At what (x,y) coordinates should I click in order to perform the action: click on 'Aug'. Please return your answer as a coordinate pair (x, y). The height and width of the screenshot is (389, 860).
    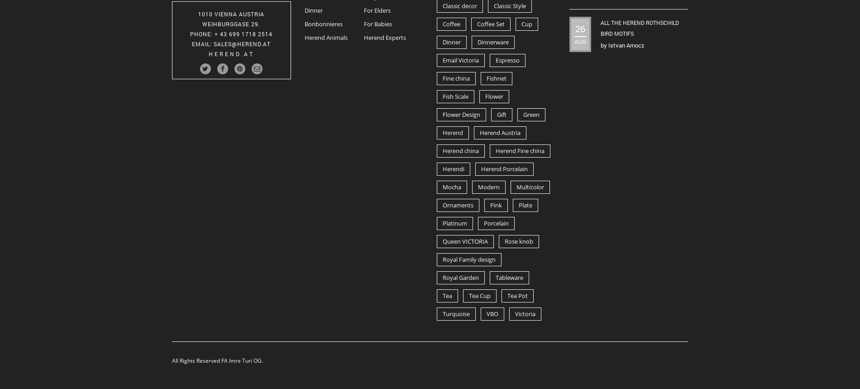
    Looking at the image, I should click on (579, 41).